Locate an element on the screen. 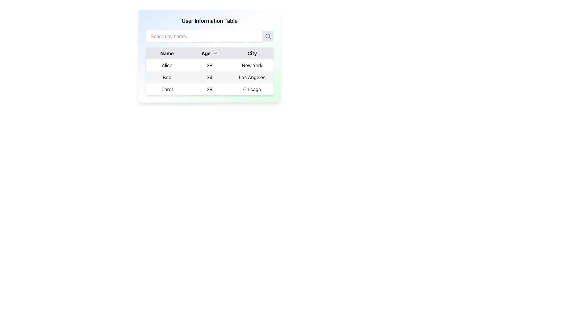 This screenshot has width=577, height=324. the downward-pointing chevron icon in the header section of the 'Age' column is located at coordinates (215, 53).